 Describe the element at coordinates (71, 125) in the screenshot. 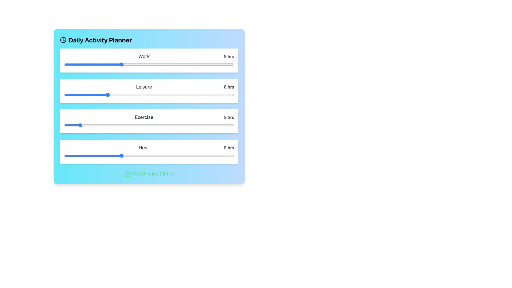

I see `the Exercise duration` at that location.